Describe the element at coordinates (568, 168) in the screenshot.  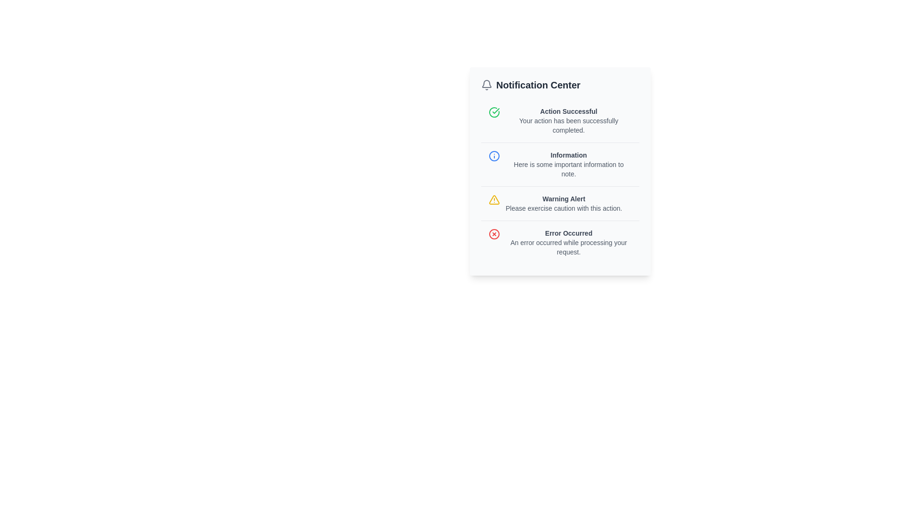
I see `the descriptive text located directly below the 'Information' title` at that location.